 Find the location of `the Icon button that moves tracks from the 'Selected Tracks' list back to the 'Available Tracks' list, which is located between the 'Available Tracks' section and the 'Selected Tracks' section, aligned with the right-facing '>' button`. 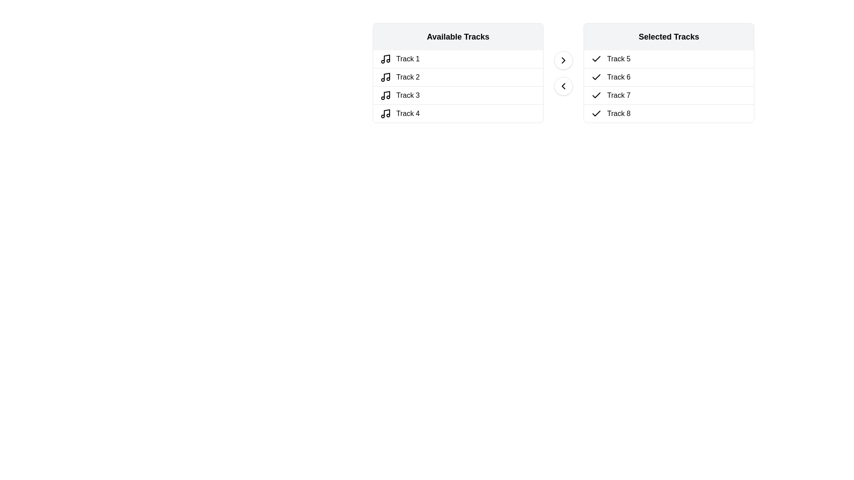

the Icon button that moves tracks from the 'Selected Tracks' list back to the 'Available Tracks' list, which is located between the 'Available Tracks' section and the 'Selected Tracks' section, aligned with the right-facing '>' button is located at coordinates (563, 86).